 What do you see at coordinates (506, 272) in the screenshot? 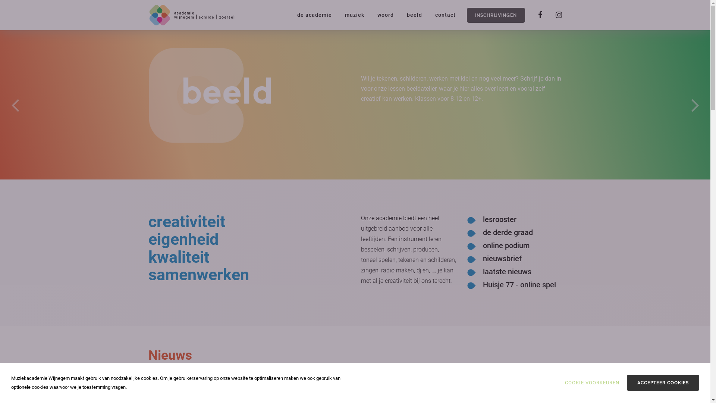
I see `'laatste nieuws'` at bounding box center [506, 272].